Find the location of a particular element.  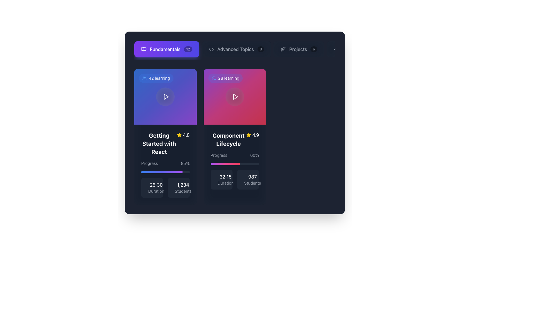

text label indicating the number of students involved in the learning activity, located in the top-left corner of the left card, above the play icon and below the user circular icon is located at coordinates (159, 78).